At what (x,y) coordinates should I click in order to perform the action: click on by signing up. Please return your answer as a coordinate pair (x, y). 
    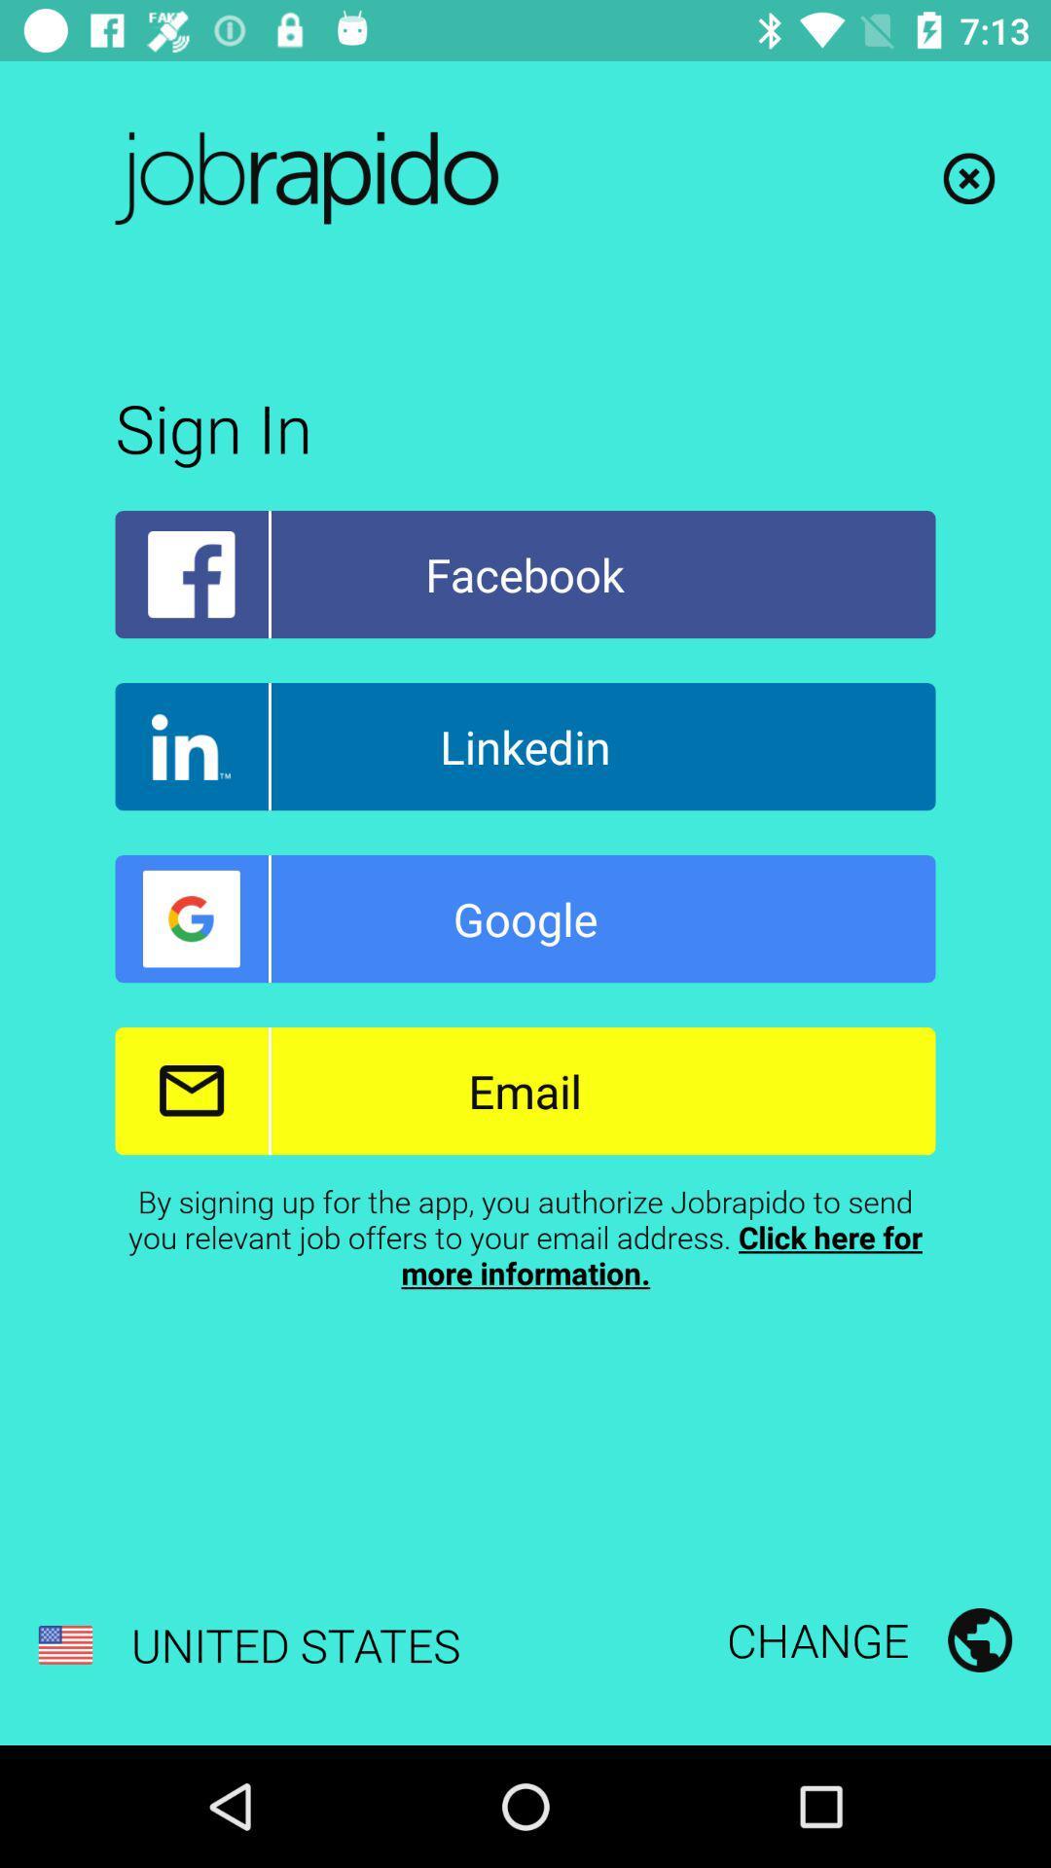
    Looking at the image, I should click on (525, 1236).